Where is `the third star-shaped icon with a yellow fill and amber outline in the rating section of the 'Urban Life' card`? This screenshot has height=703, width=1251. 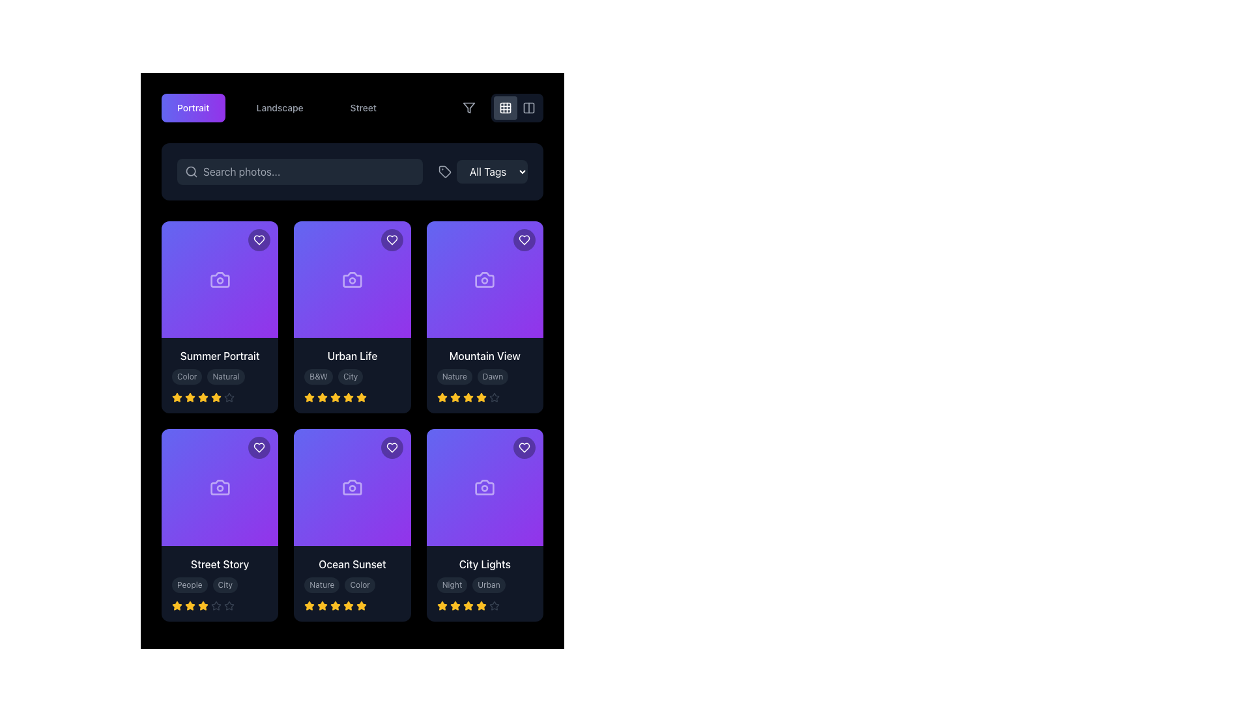
the third star-shaped icon with a yellow fill and amber outline in the rating section of the 'Urban Life' card is located at coordinates (323, 397).